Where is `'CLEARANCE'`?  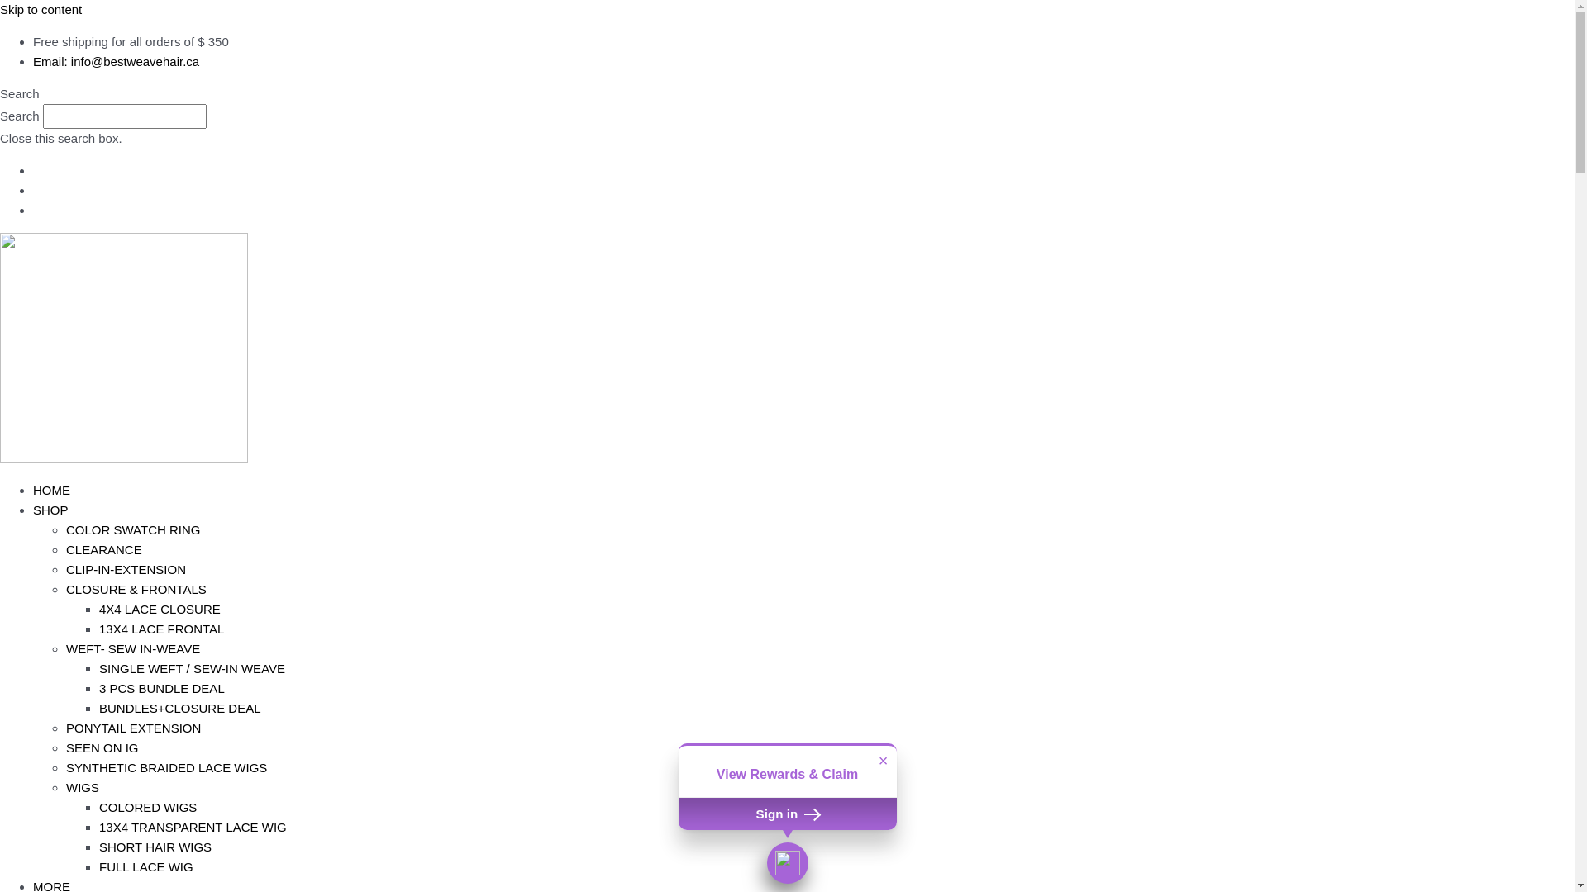 'CLEARANCE' is located at coordinates (102, 549).